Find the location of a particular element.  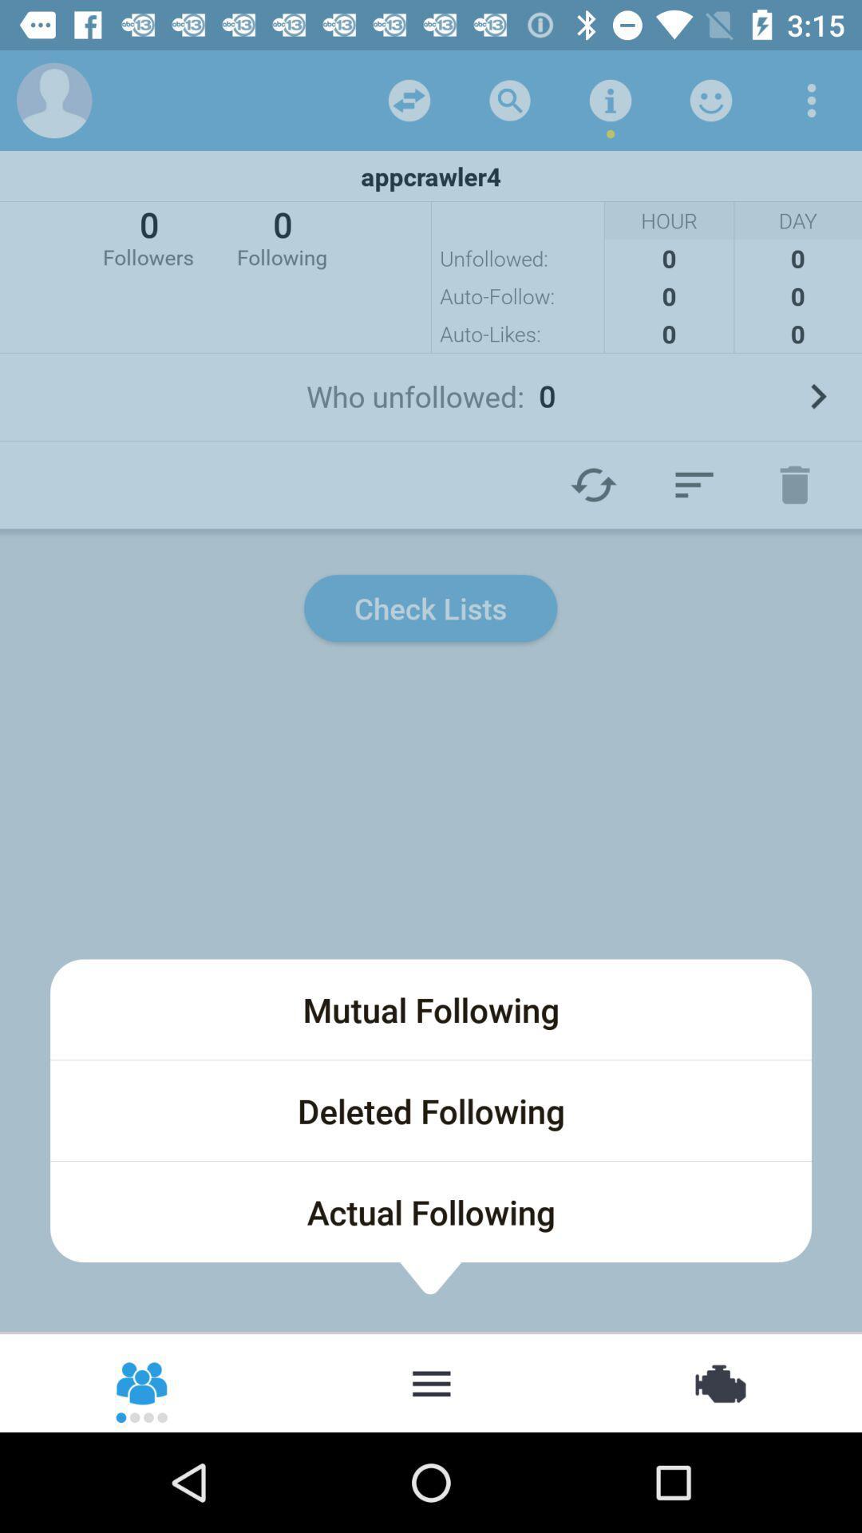

go forward is located at coordinates (817, 396).